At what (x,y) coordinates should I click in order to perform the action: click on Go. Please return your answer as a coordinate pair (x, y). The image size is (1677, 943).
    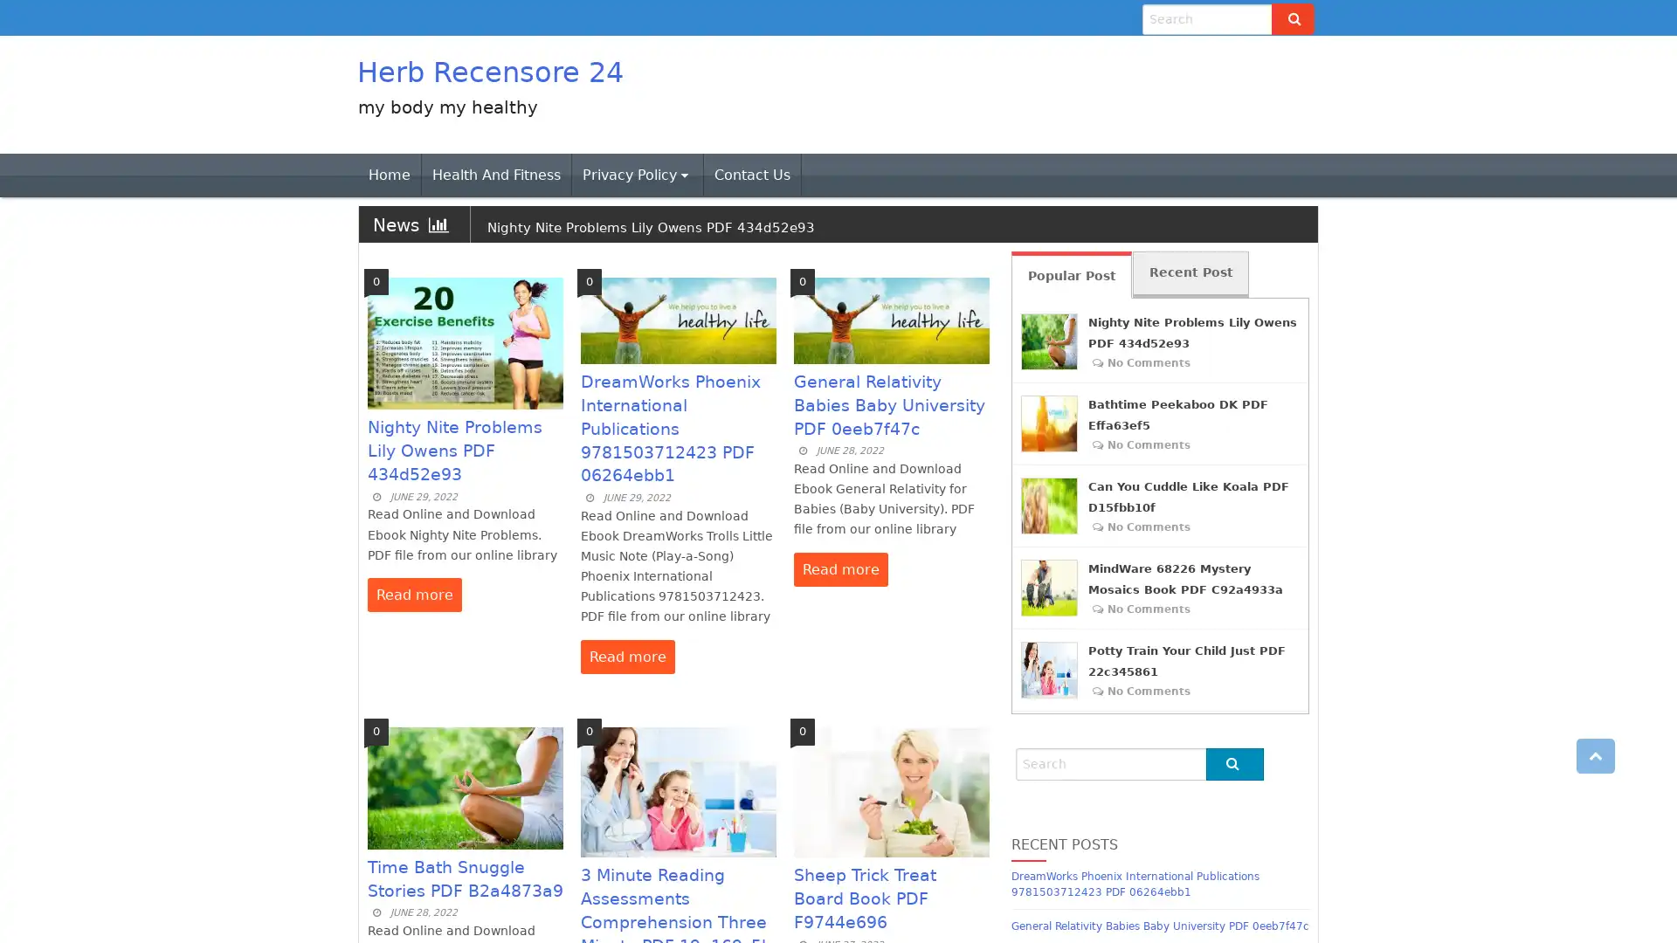
    Looking at the image, I should click on (1234, 762).